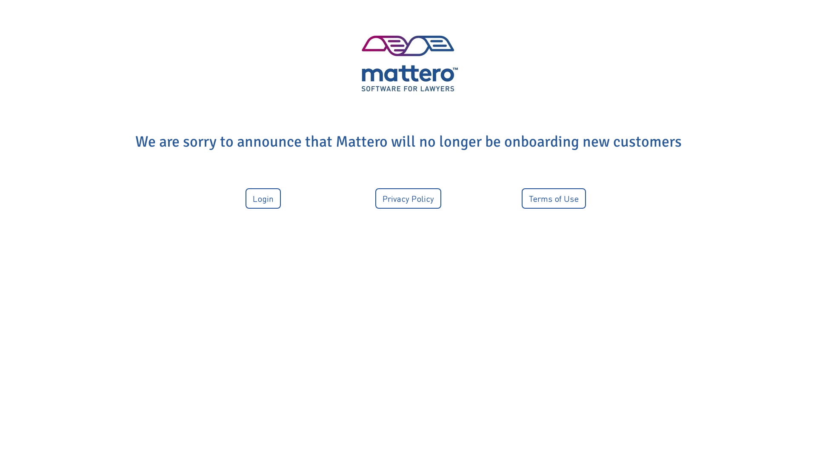 The width and height of the screenshot is (817, 459). I want to click on 'Privacy Policy', so click(408, 198).